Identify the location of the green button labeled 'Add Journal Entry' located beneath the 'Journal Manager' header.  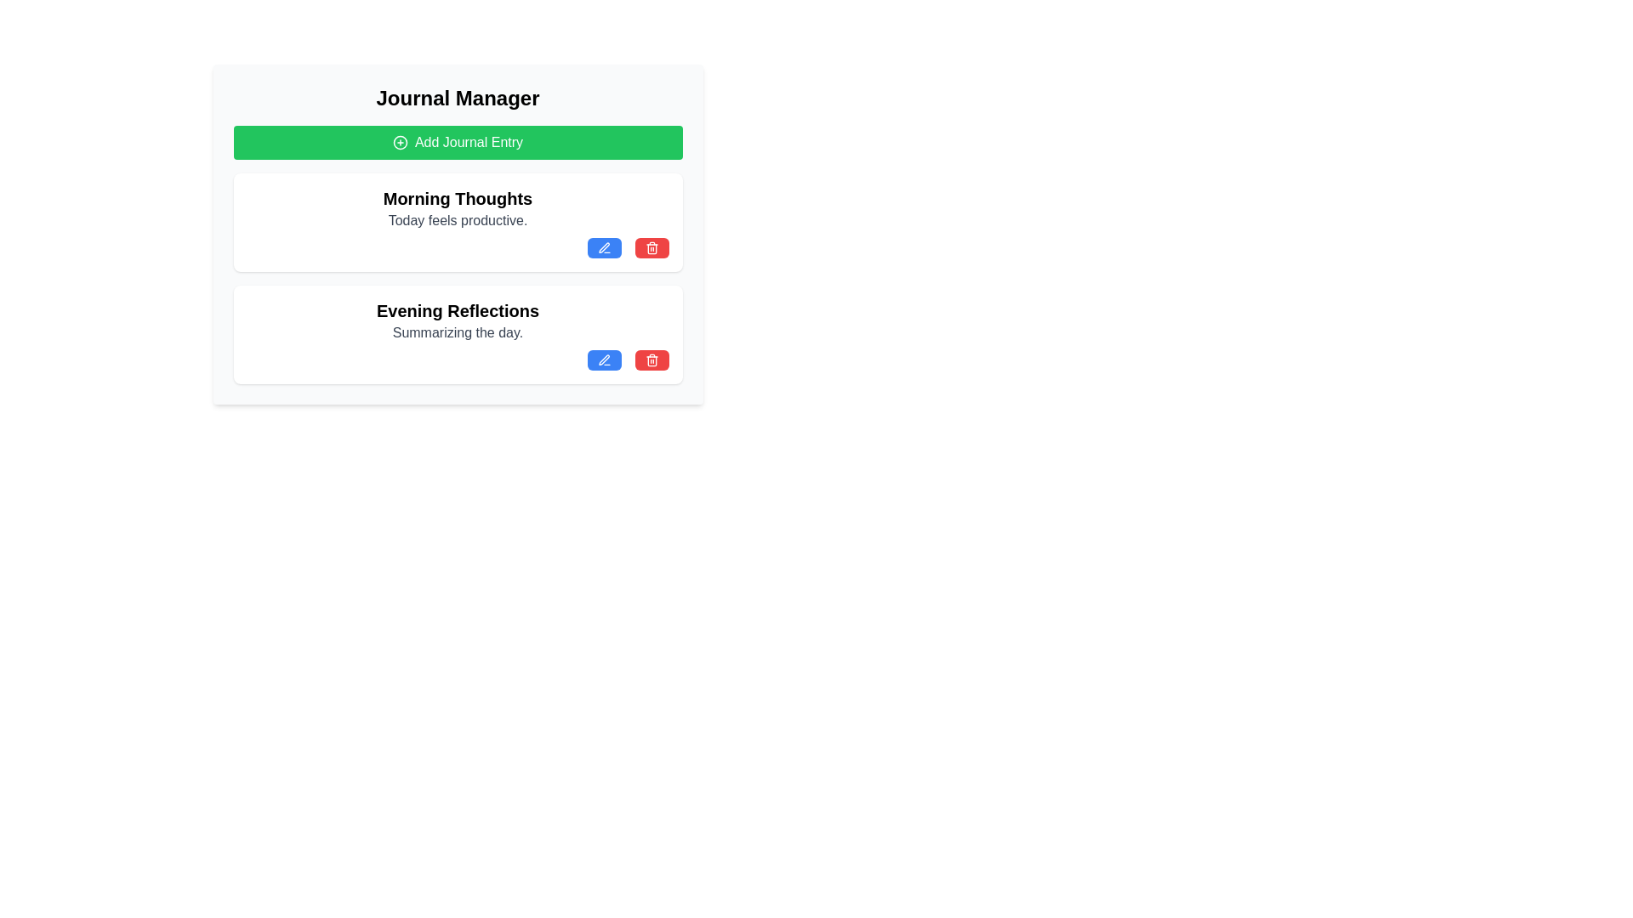
(458, 142).